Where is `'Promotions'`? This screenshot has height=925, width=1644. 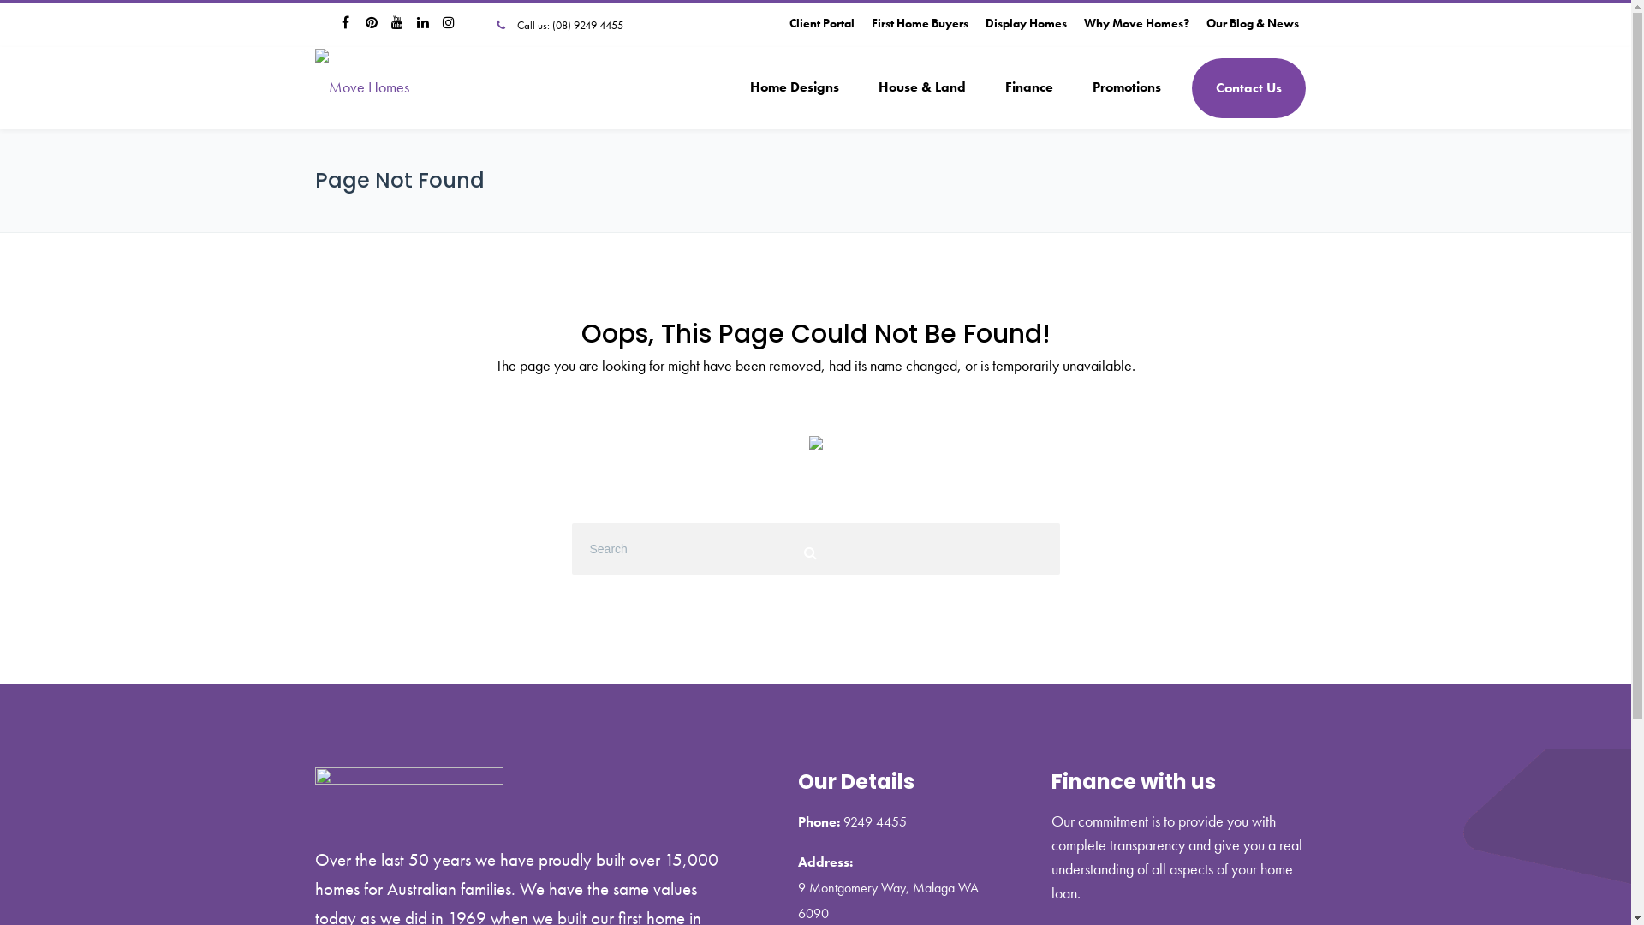 'Promotions' is located at coordinates (1126, 87).